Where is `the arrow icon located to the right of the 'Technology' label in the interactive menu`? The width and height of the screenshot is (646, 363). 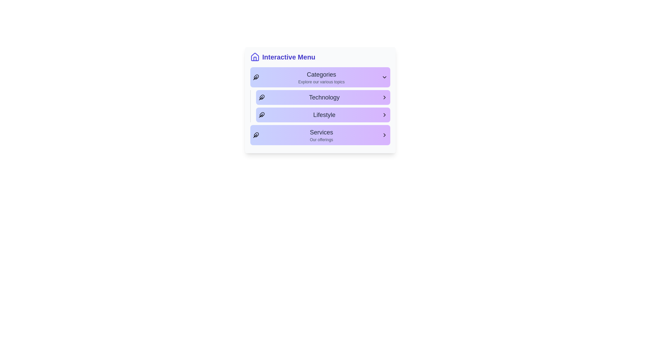
the arrow icon located to the right of the 'Technology' label in the interactive menu is located at coordinates (384, 97).